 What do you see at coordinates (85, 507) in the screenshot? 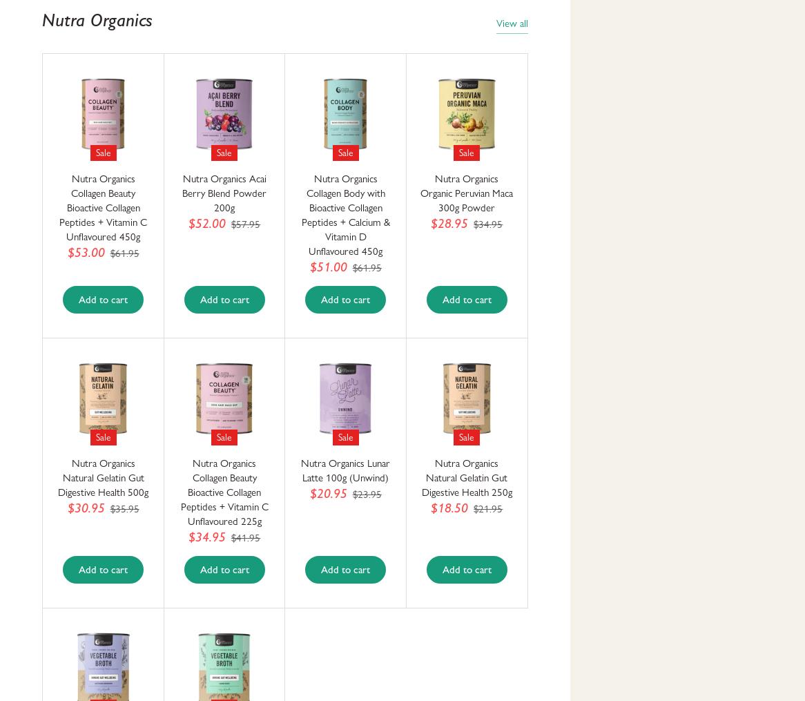
I see `'$30.95'` at bounding box center [85, 507].